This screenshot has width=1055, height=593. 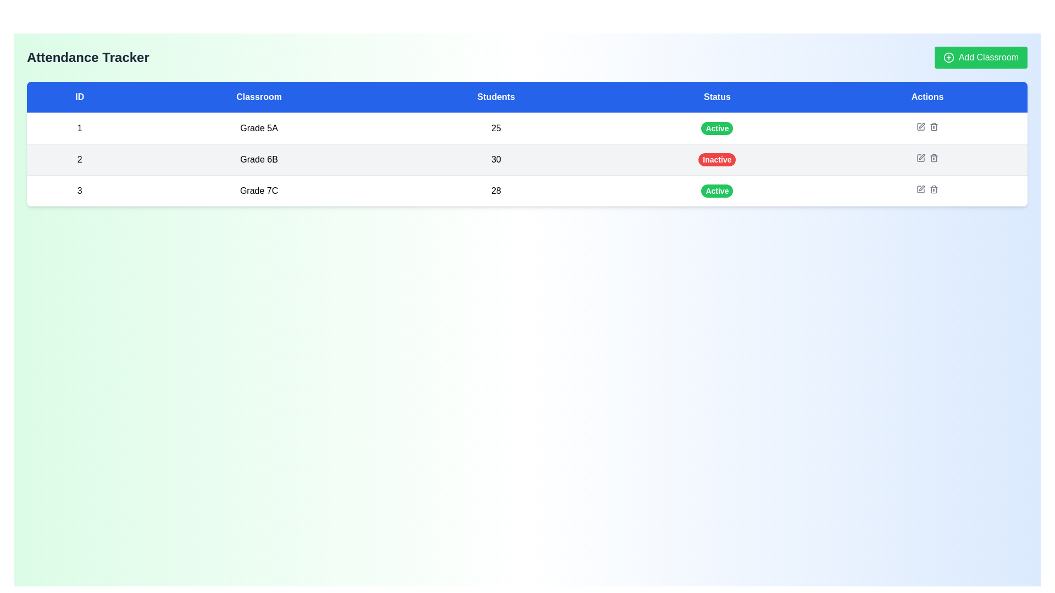 What do you see at coordinates (526, 128) in the screenshot?
I see `the first row of the table that displays details about a specific classroom, highlighting it` at bounding box center [526, 128].